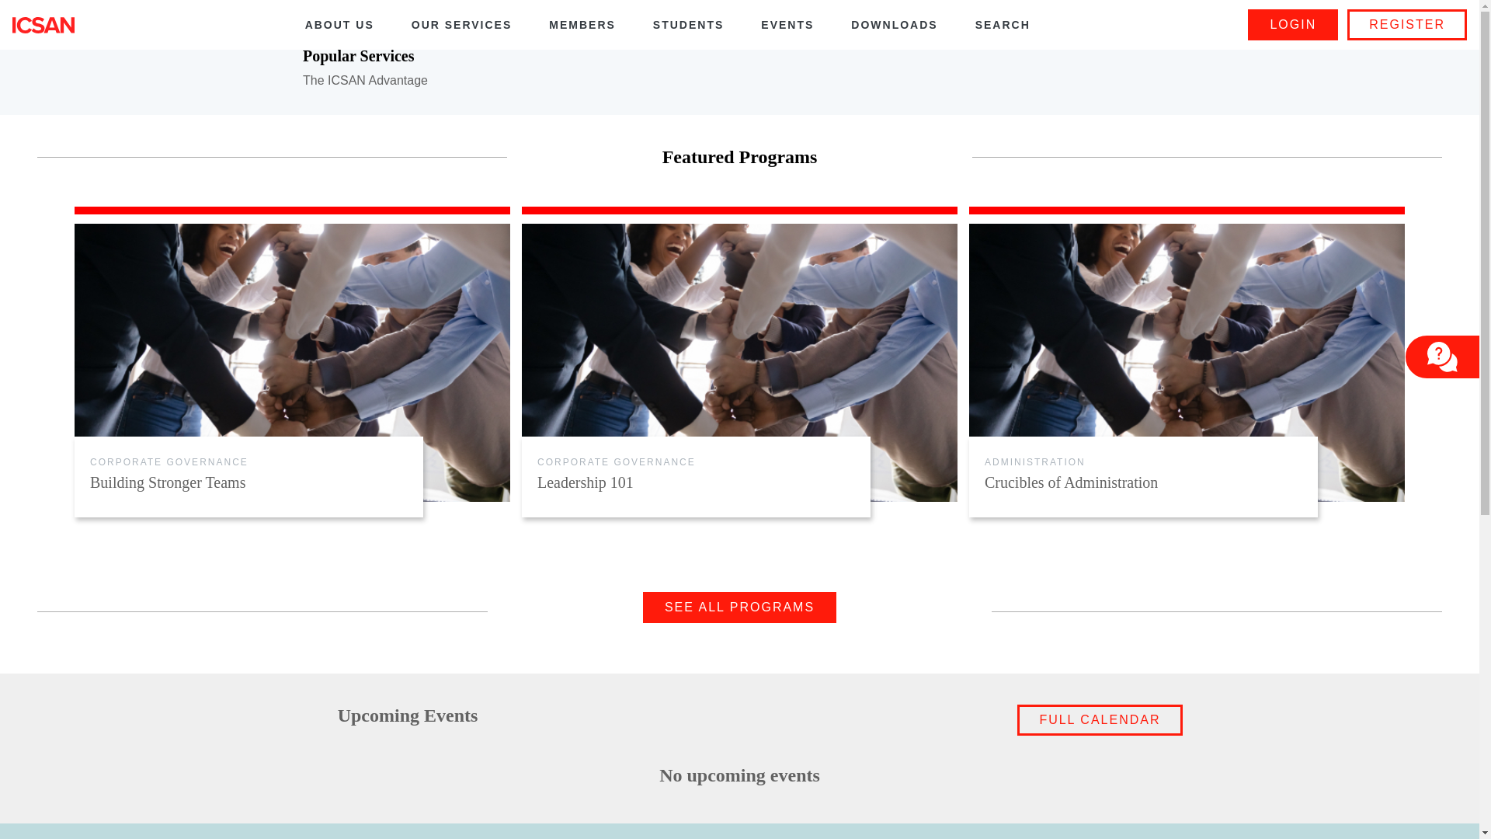 The image size is (1491, 839). What do you see at coordinates (169, 461) in the screenshot?
I see `'CORPORATE GOVERNANCE'` at bounding box center [169, 461].